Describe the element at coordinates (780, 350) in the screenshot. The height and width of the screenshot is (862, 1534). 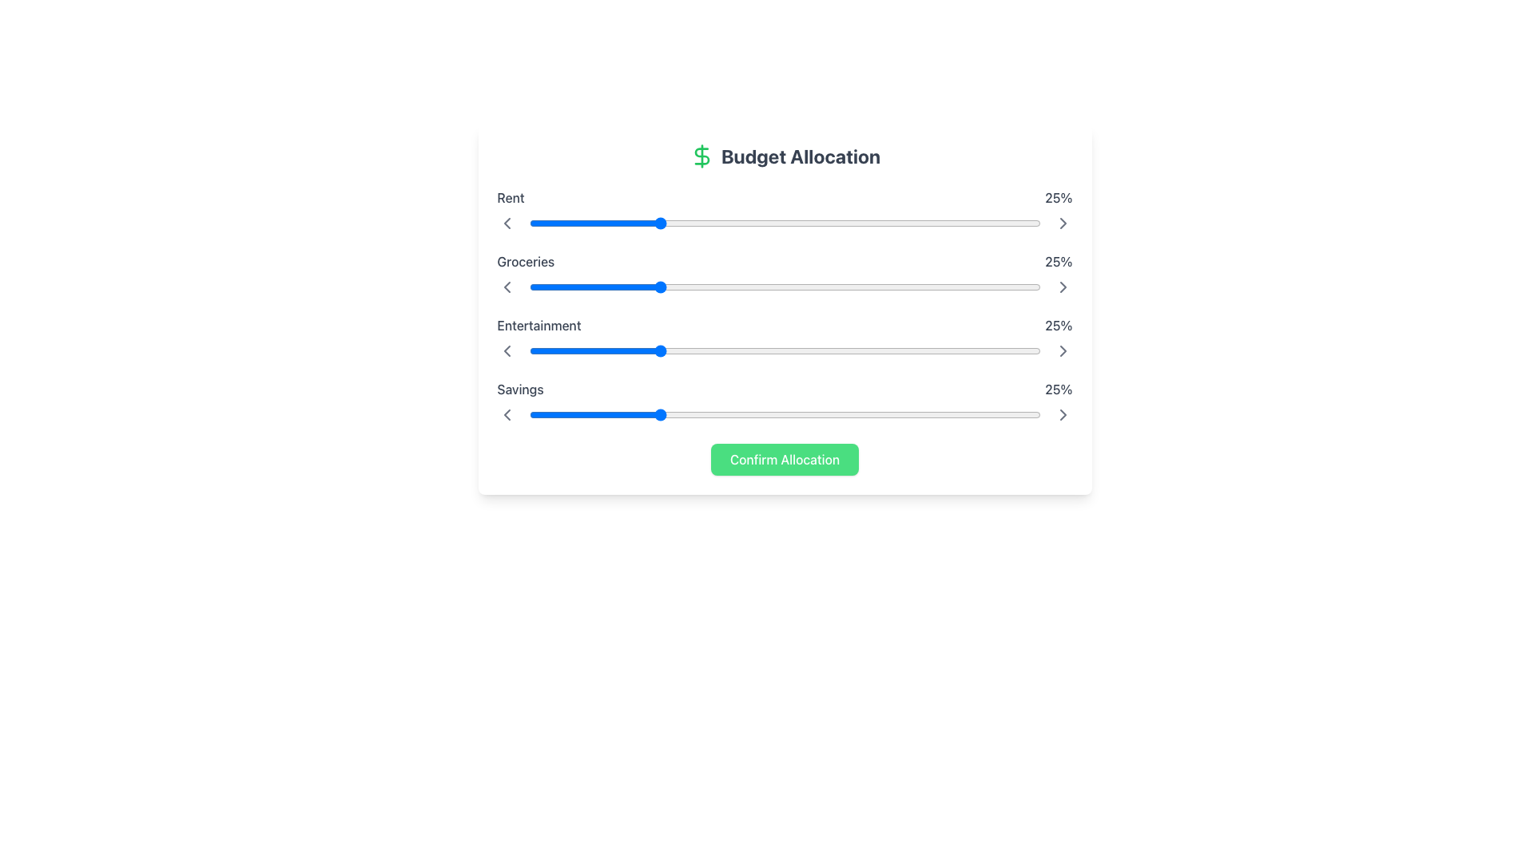
I see `the slider for 'Entertainment'` at that location.